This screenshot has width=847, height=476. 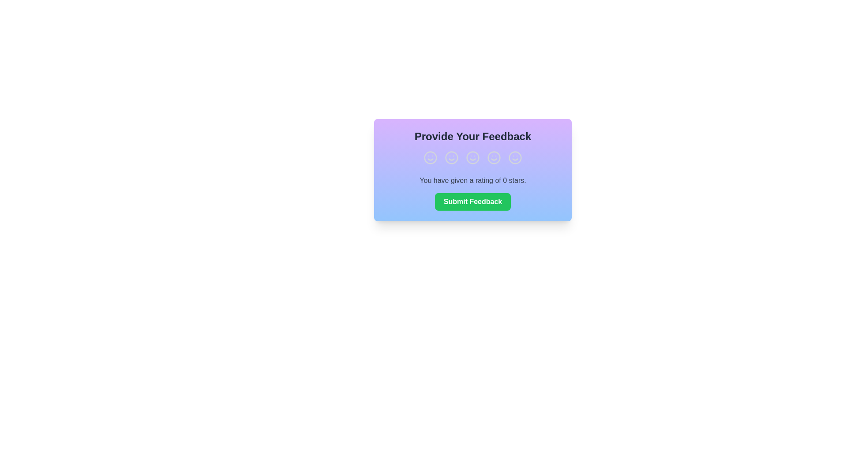 What do you see at coordinates (430, 157) in the screenshot?
I see `the smiley face corresponding to a rating of 1` at bounding box center [430, 157].